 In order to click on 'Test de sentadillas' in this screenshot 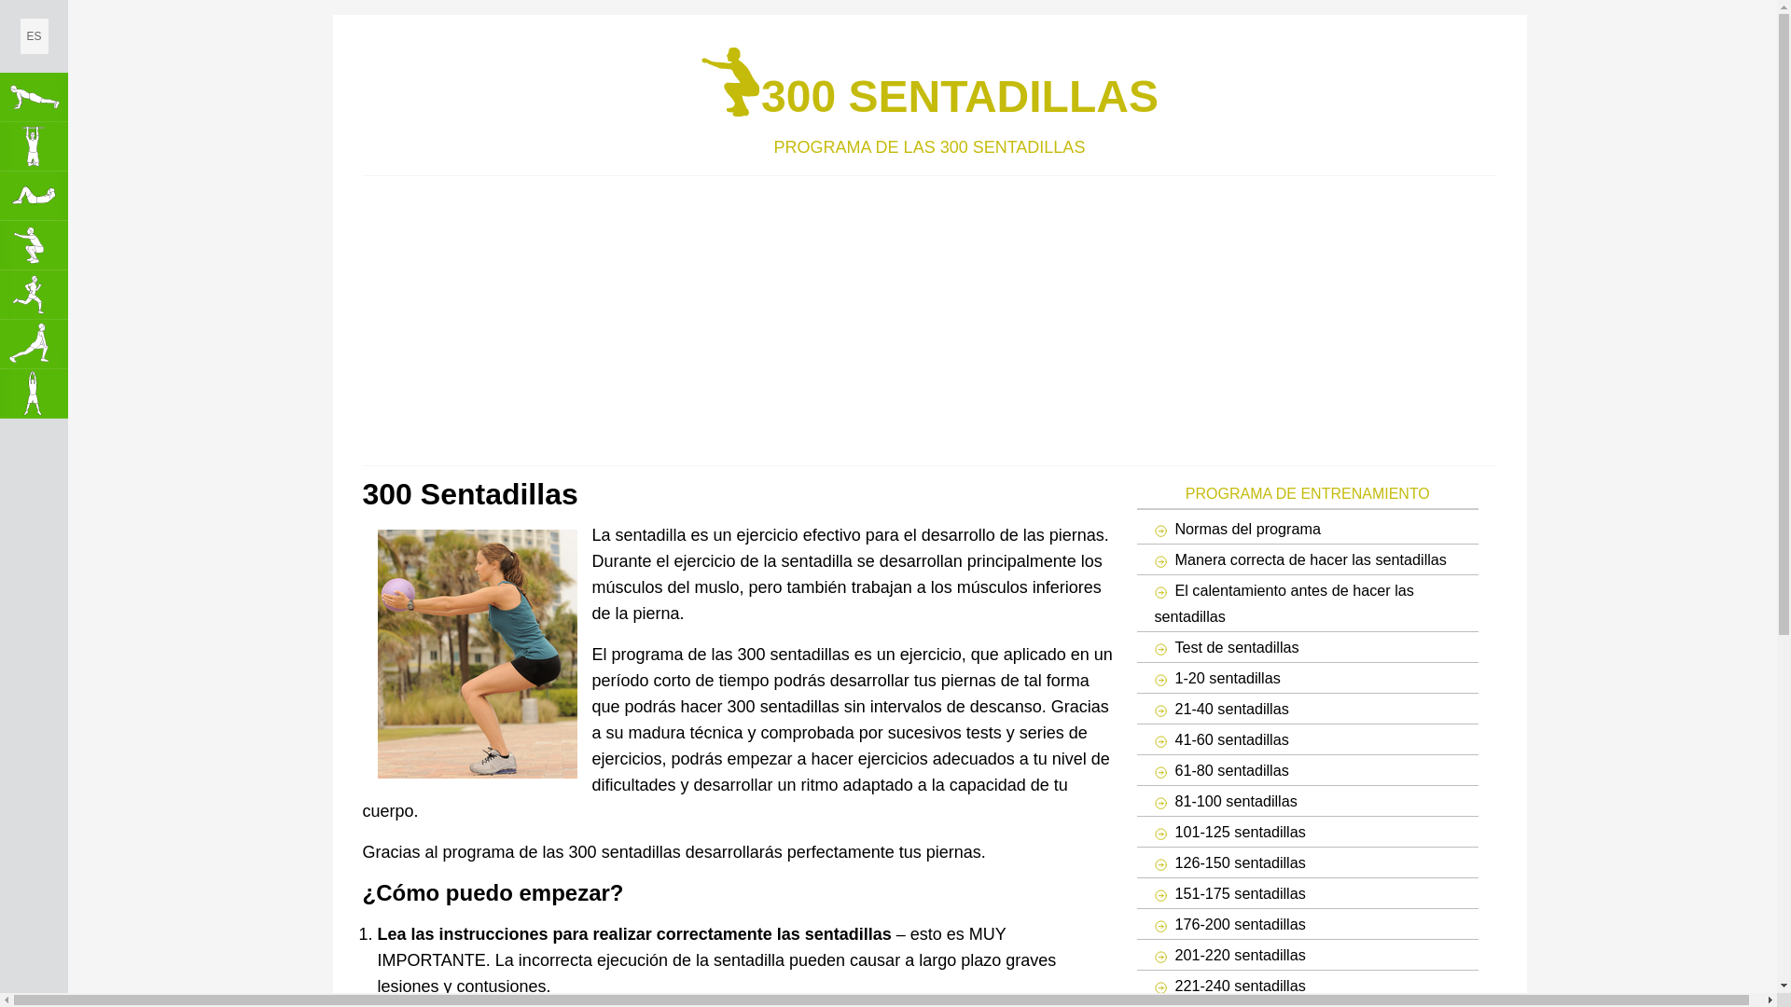, I will do `click(1306, 646)`.